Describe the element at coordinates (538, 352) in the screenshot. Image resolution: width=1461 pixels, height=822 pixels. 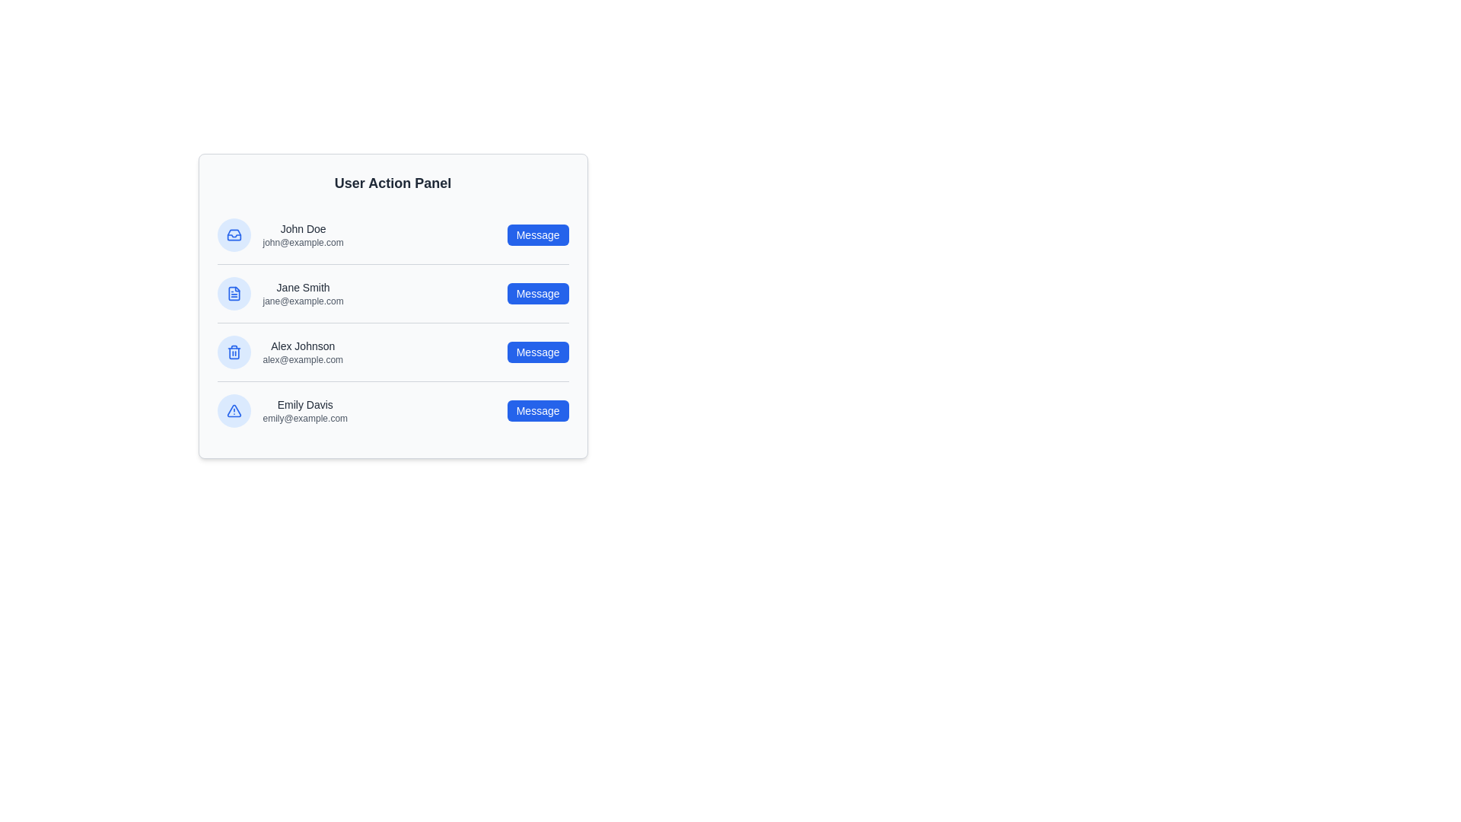
I see `'Message' button for the user identified by Alex Johnson` at that location.